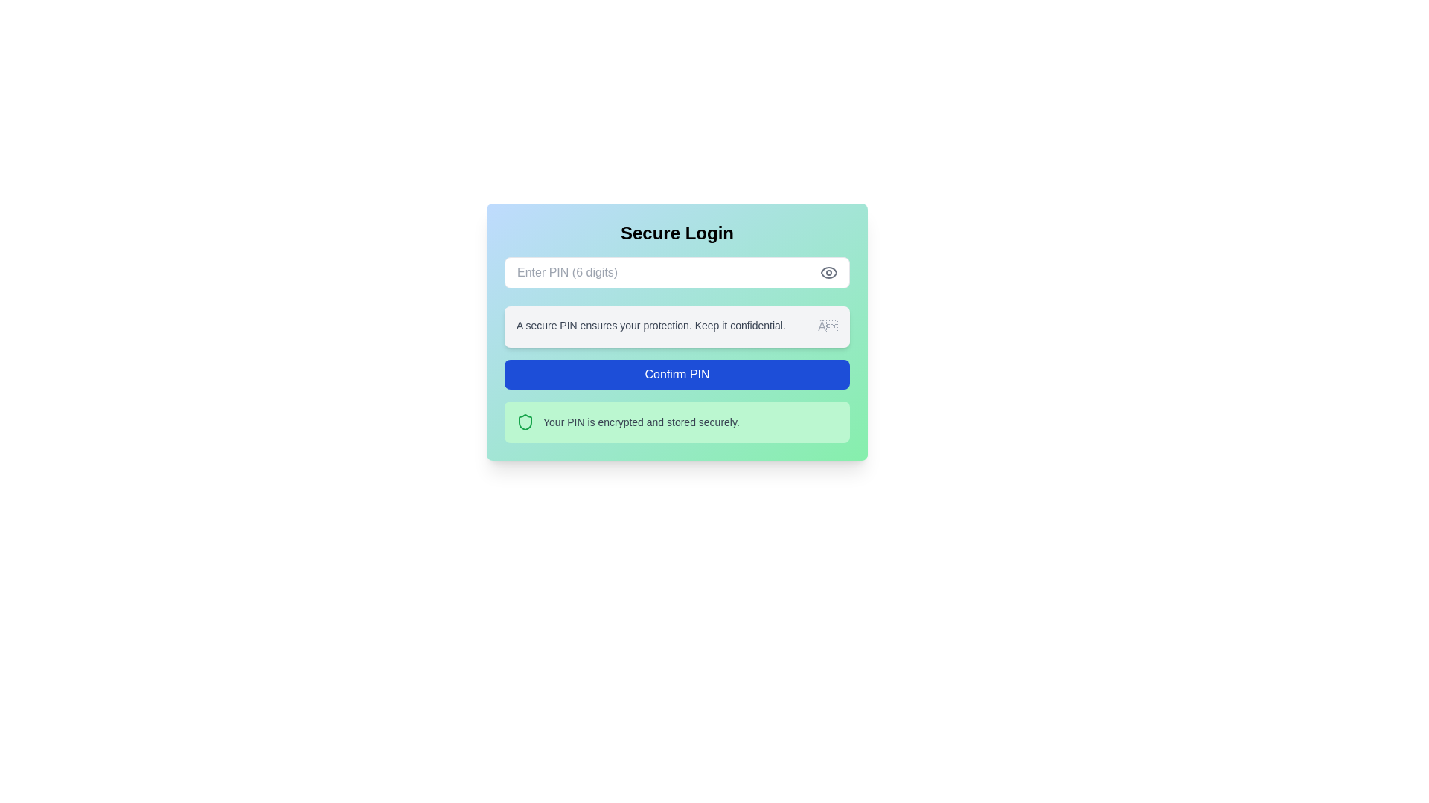 The height and width of the screenshot is (803, 1429). Describe the element at coordinates (827, 326) in the screenshot. I see `the dismiss button represented by a small '×' icon on the right side of the message box` at that location.